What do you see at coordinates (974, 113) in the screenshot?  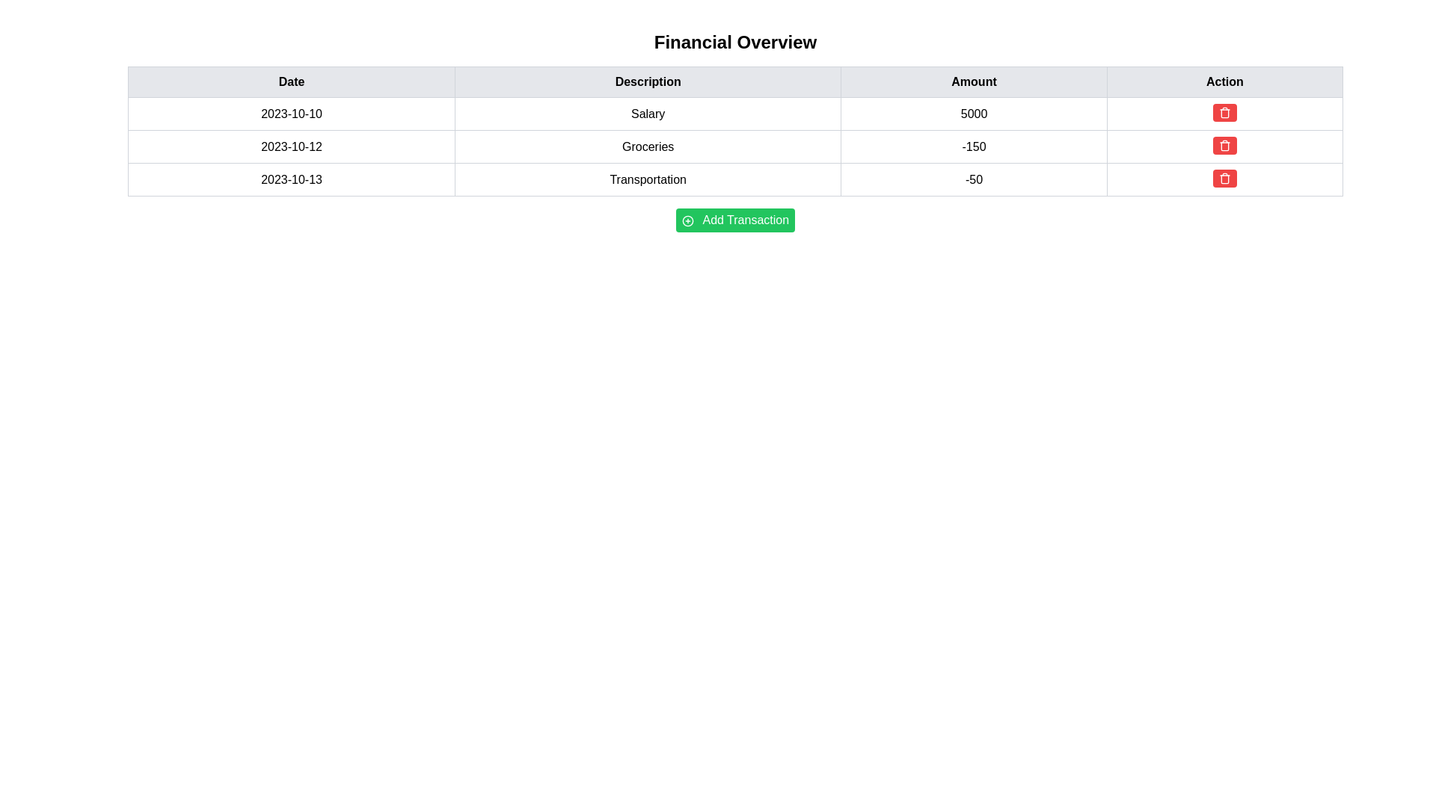 I see `the text display field showing the numeric value (5000) for the Salary in the financial overview table, located in the third column of the first row` at bounding box center [974, 113].